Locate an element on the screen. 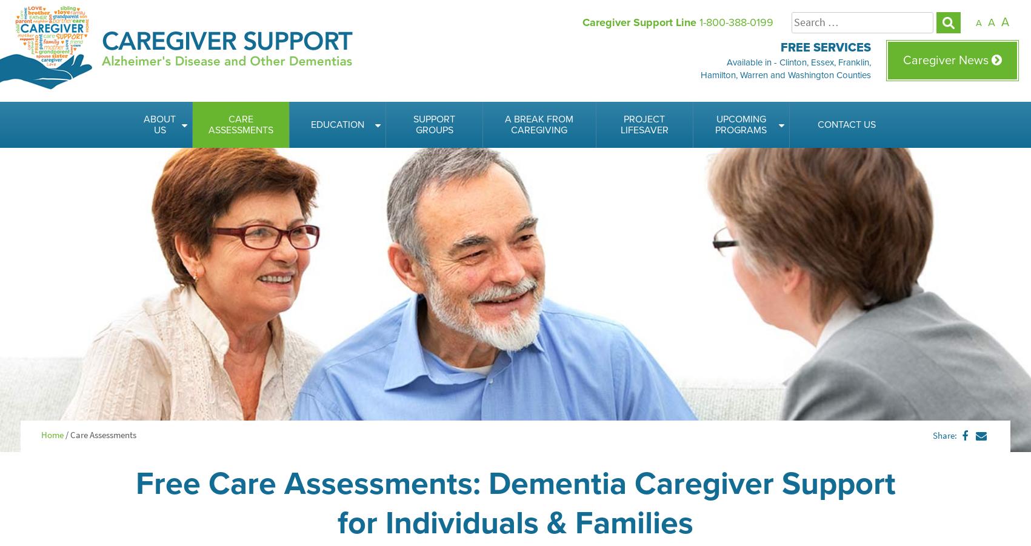 This screenshot has width=1031, height=546. '/' is located at coordinates (67, 435).